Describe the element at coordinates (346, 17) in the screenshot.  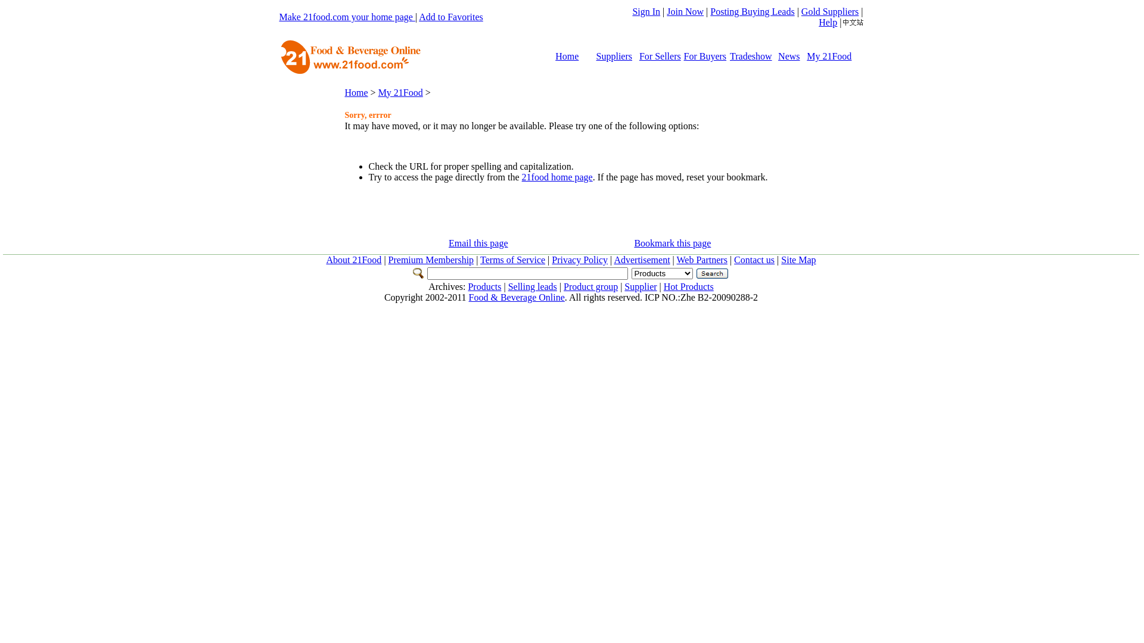
I see `'Make 21food.com your home page'` at that location.